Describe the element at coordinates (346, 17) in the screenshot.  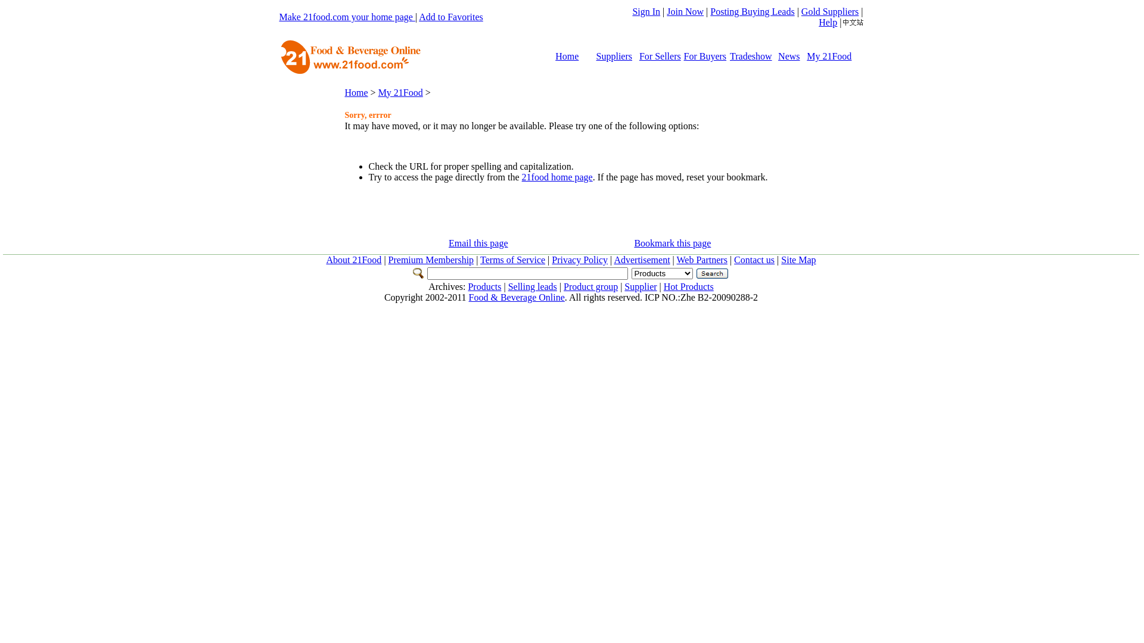
I see `'Make 21food.com your home page'` at that location.